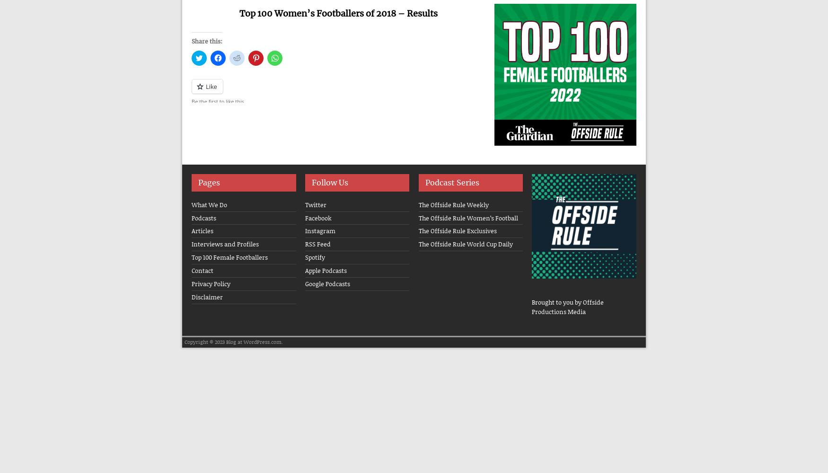 This screenshot has height=473, width=828. What do you see at coordinates (304, 257) in the screenshot?
I see `'Spotify'` at bounding box center [304, 257].